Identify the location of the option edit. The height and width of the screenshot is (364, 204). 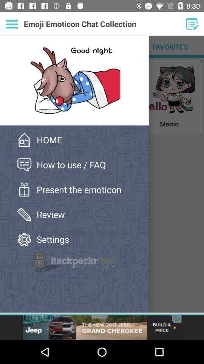
(192, 24).